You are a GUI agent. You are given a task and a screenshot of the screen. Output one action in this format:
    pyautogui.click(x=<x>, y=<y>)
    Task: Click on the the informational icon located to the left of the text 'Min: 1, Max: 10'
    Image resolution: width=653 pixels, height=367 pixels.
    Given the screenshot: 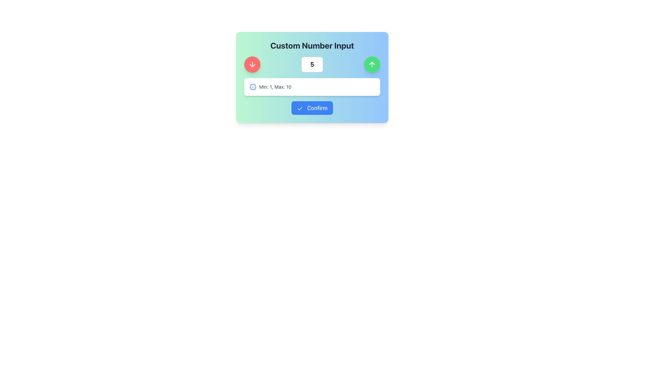 What is the action you would take?
    pyautogui.click(x=253, y=86)
    